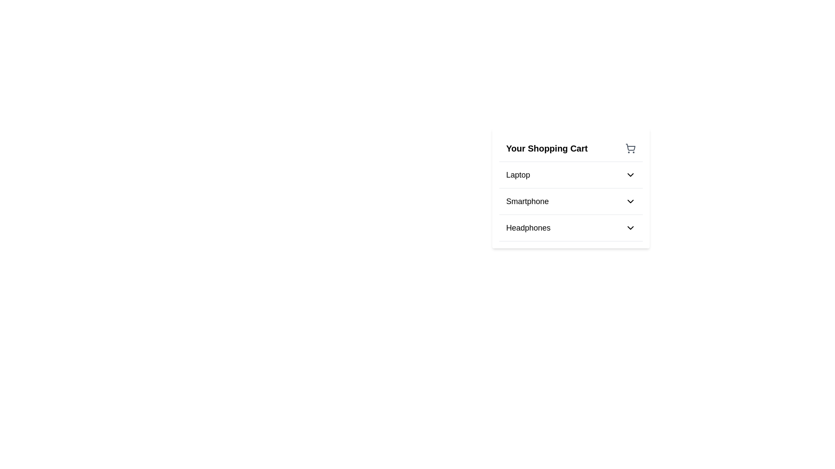 The image size is (835, 469). I want to click on the dropdown list item labeled 'Smartphone', so click(571, 201).